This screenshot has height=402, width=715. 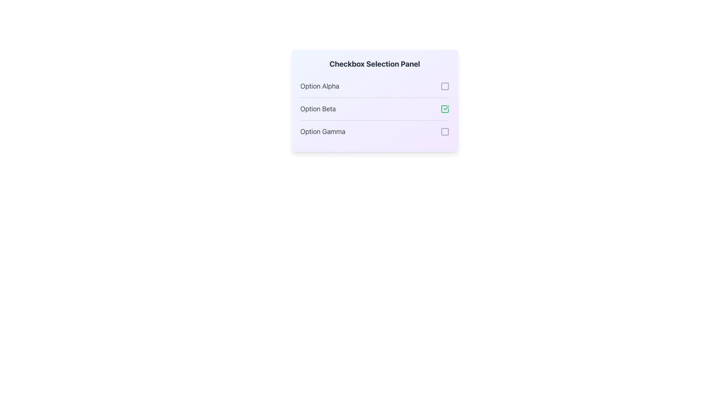 I want to click on the green checkmark icon, which is part of a square icon located to the right of the 'Option Beta' label in a vertical list of options, so click(x=446, y=108).